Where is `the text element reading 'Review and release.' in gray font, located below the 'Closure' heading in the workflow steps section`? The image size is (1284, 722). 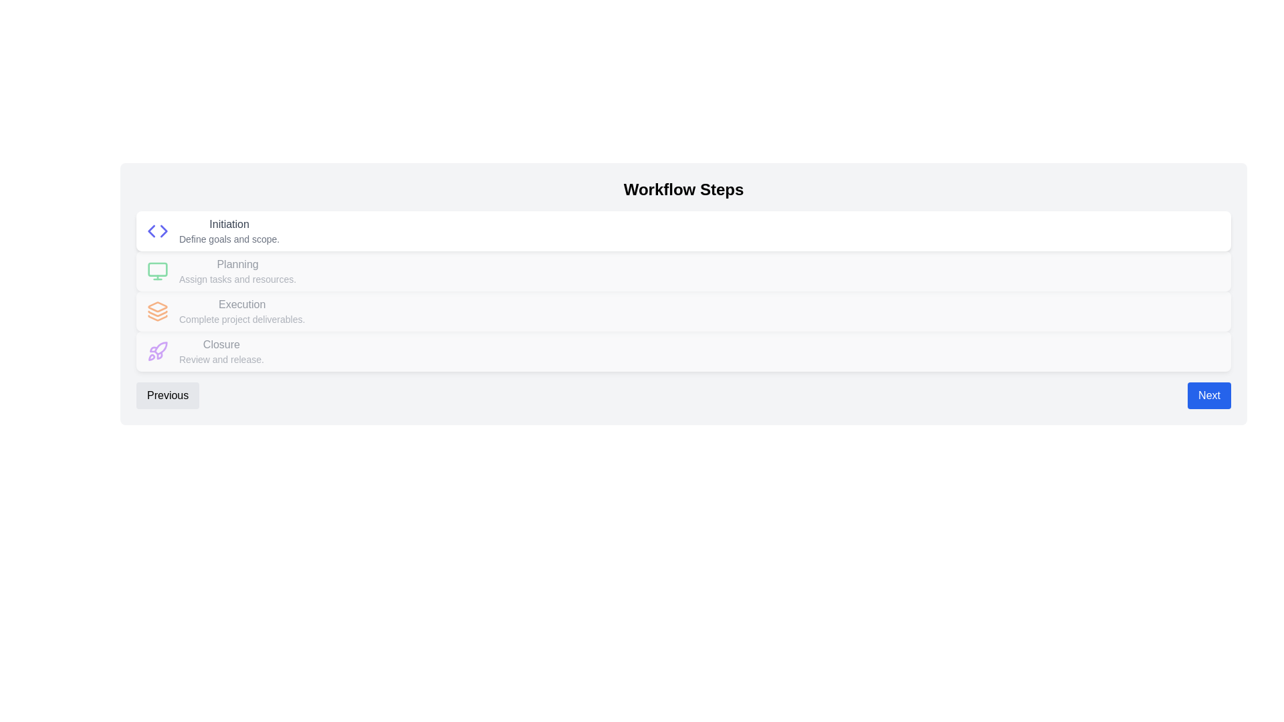
the text element reading 'Review and release.' in gray font, located below the 'Closure' heading in the workflow steps section is located at coordinates (221, 358).